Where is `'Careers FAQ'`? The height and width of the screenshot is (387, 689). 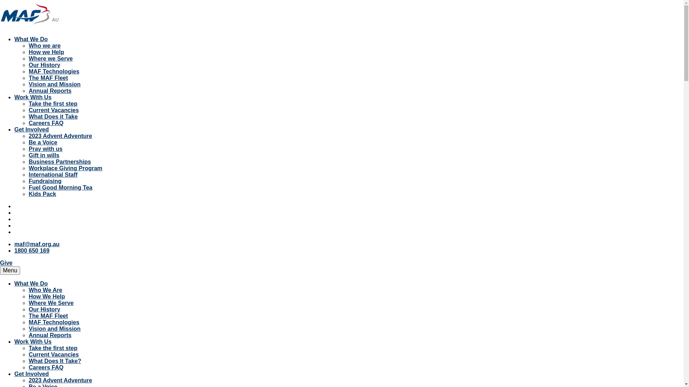
'Careers FAQ' is located at coordinates (46, 367).